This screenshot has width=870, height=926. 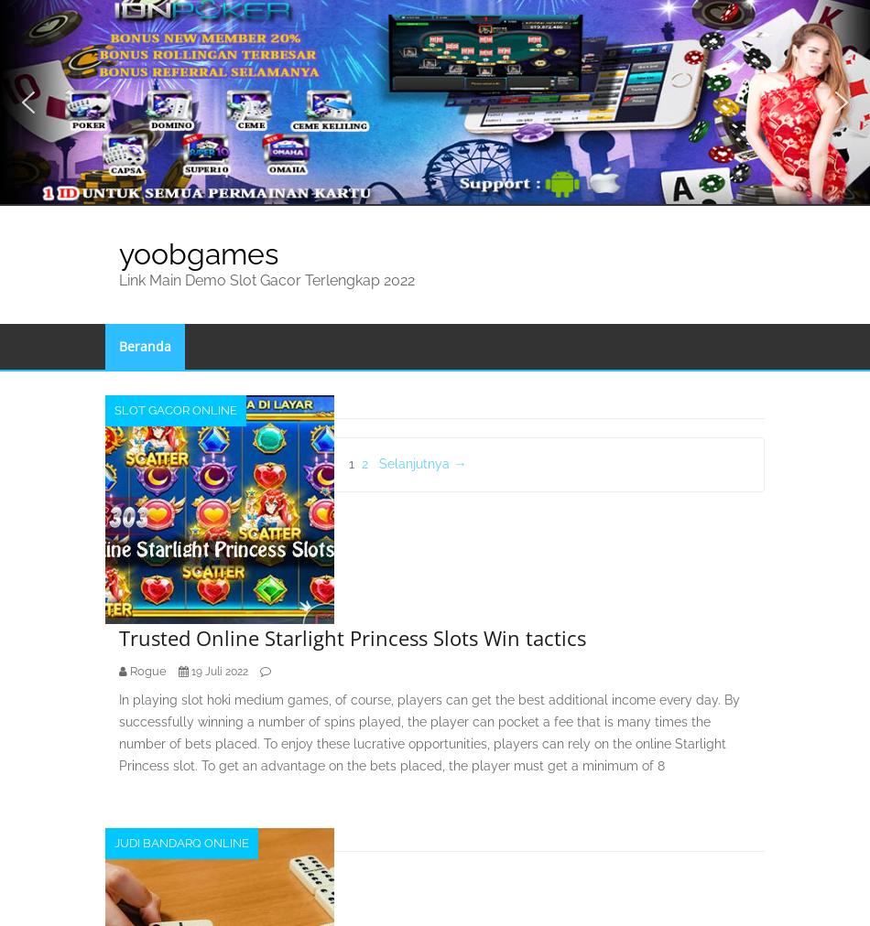 I want to click on 'Trusted Online Starlight Princess Slots Win tactics', so click(x=118, y=637).